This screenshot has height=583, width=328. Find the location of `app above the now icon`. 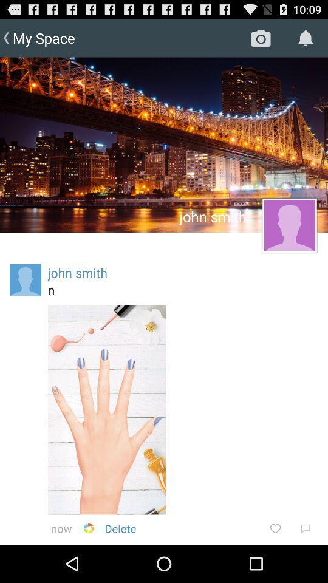

app above the now icon is located at coordinates (106, 409).